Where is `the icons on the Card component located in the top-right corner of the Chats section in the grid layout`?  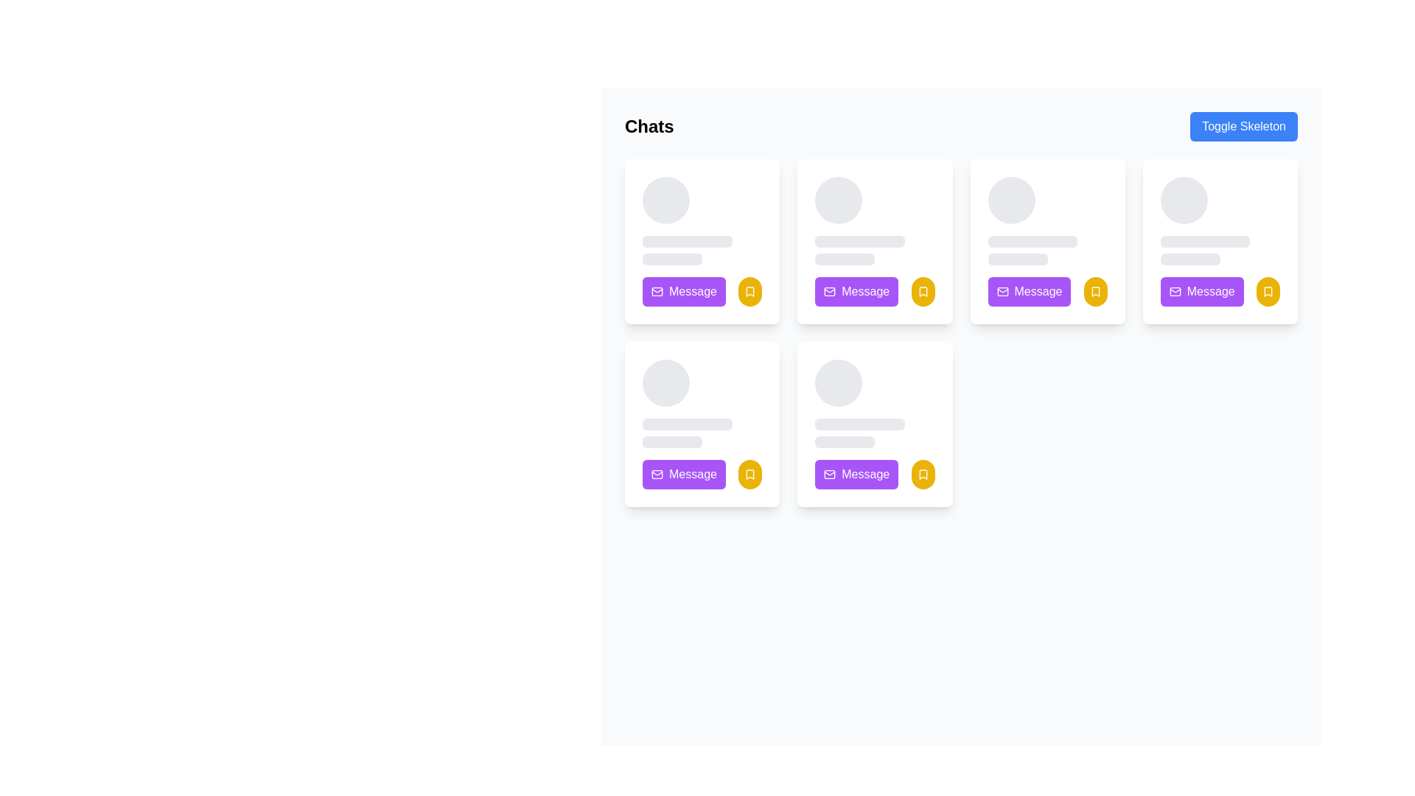 the icons on the Card component located in the top-right corner of the Chats section in the grid layout is located at coordinates (1220, 240).